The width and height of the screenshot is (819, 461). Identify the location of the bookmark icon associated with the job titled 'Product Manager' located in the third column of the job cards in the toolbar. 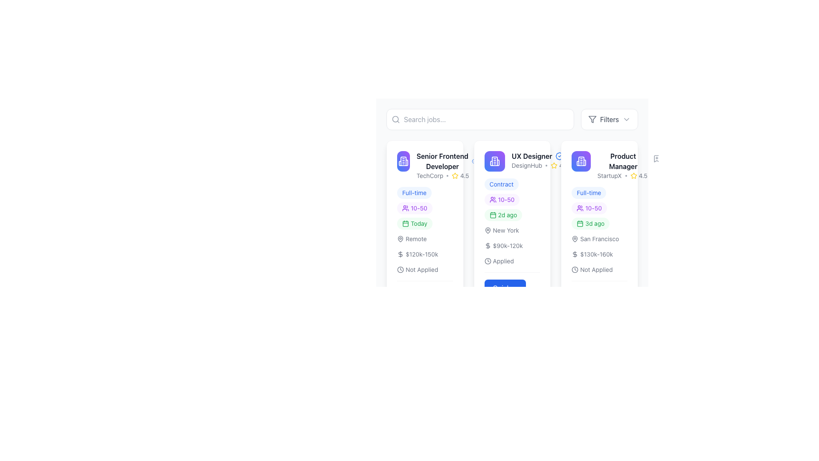
(575, 158).